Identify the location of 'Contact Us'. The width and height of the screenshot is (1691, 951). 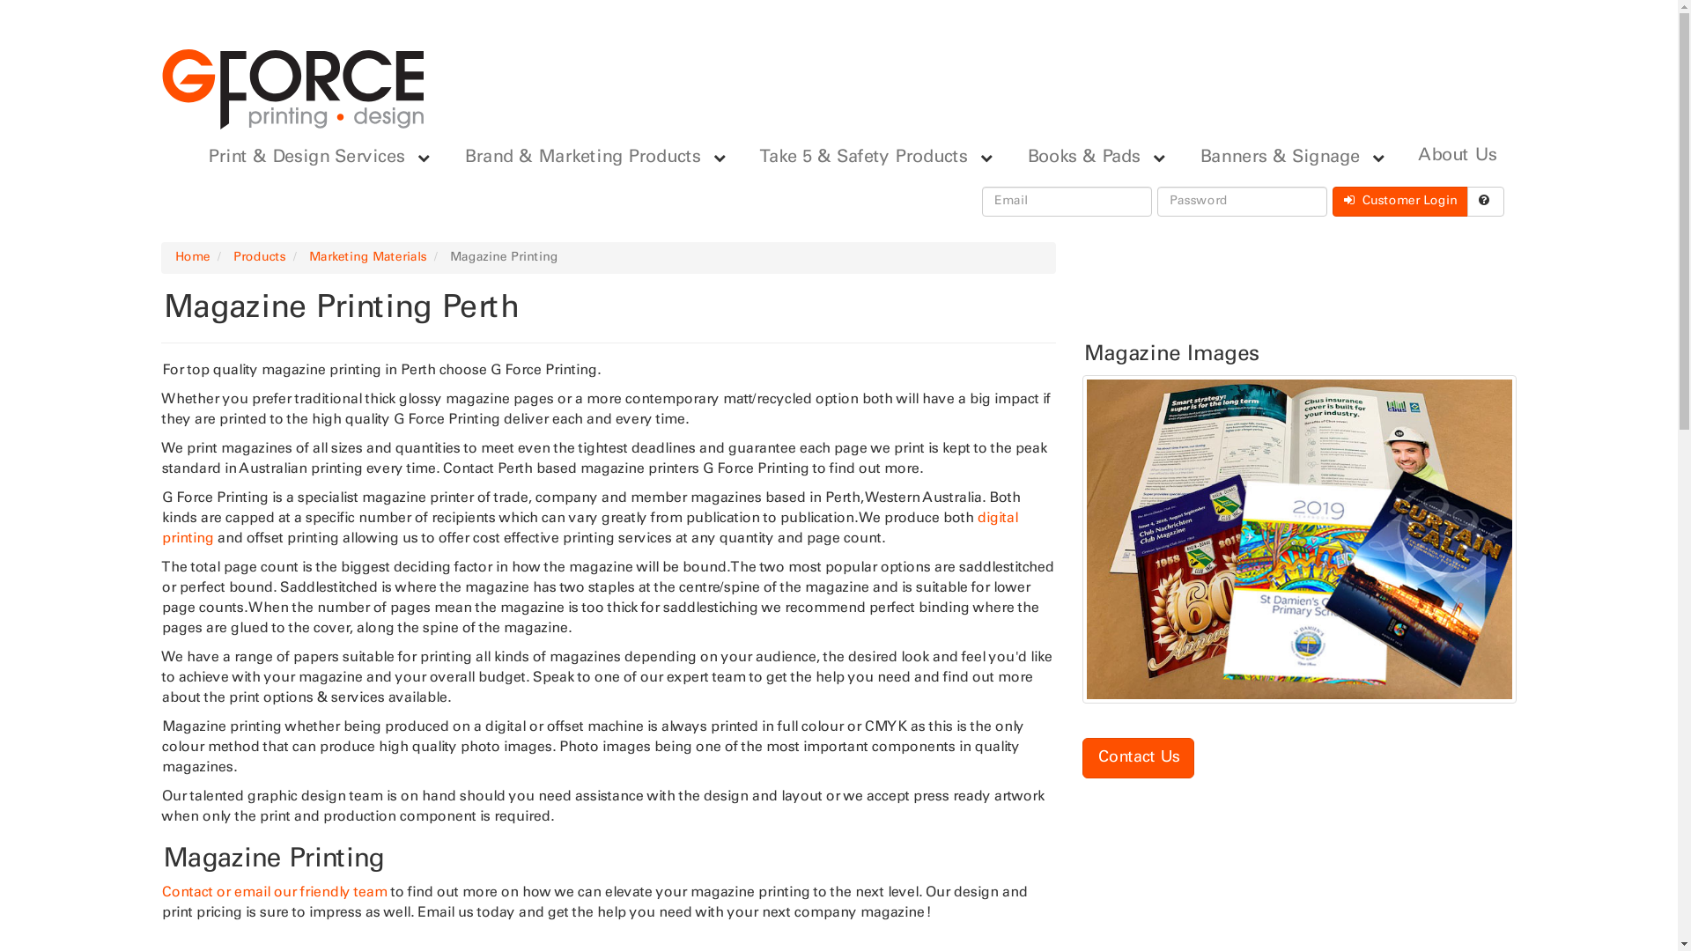
(1081, 756).